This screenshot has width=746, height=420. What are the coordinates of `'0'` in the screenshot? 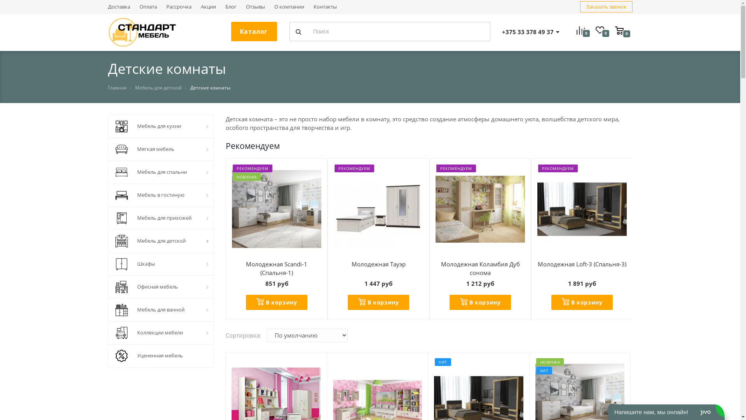 It's located at (594, 31).